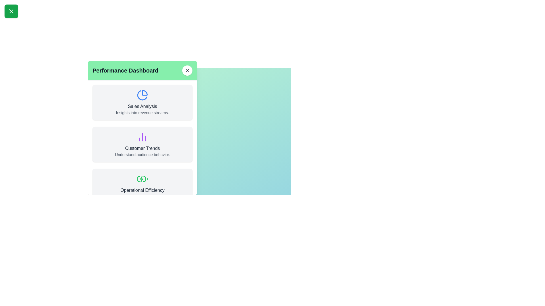  I want to click on the descriptive Text block that provides insights related to the 'Sales Analysis' section, positioned below the 'Sales Analysis' text and pie chart icon, so click(142, 112).